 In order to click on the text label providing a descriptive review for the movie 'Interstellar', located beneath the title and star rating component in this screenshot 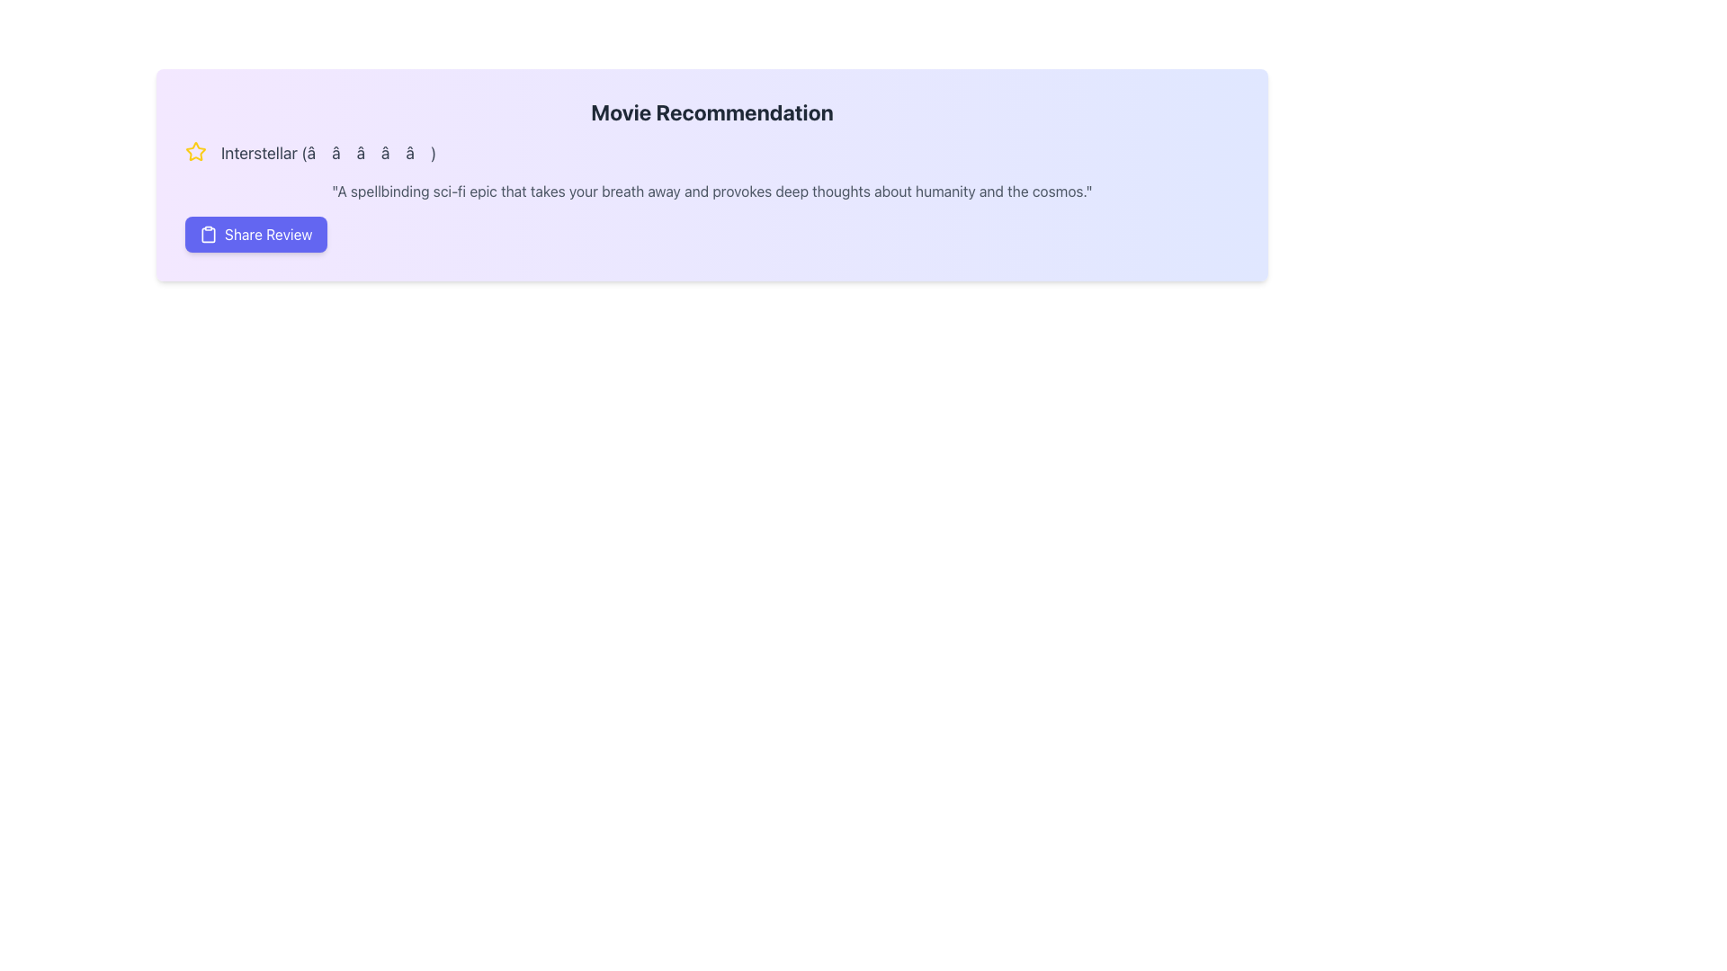, I will do `click(711, 191)`.